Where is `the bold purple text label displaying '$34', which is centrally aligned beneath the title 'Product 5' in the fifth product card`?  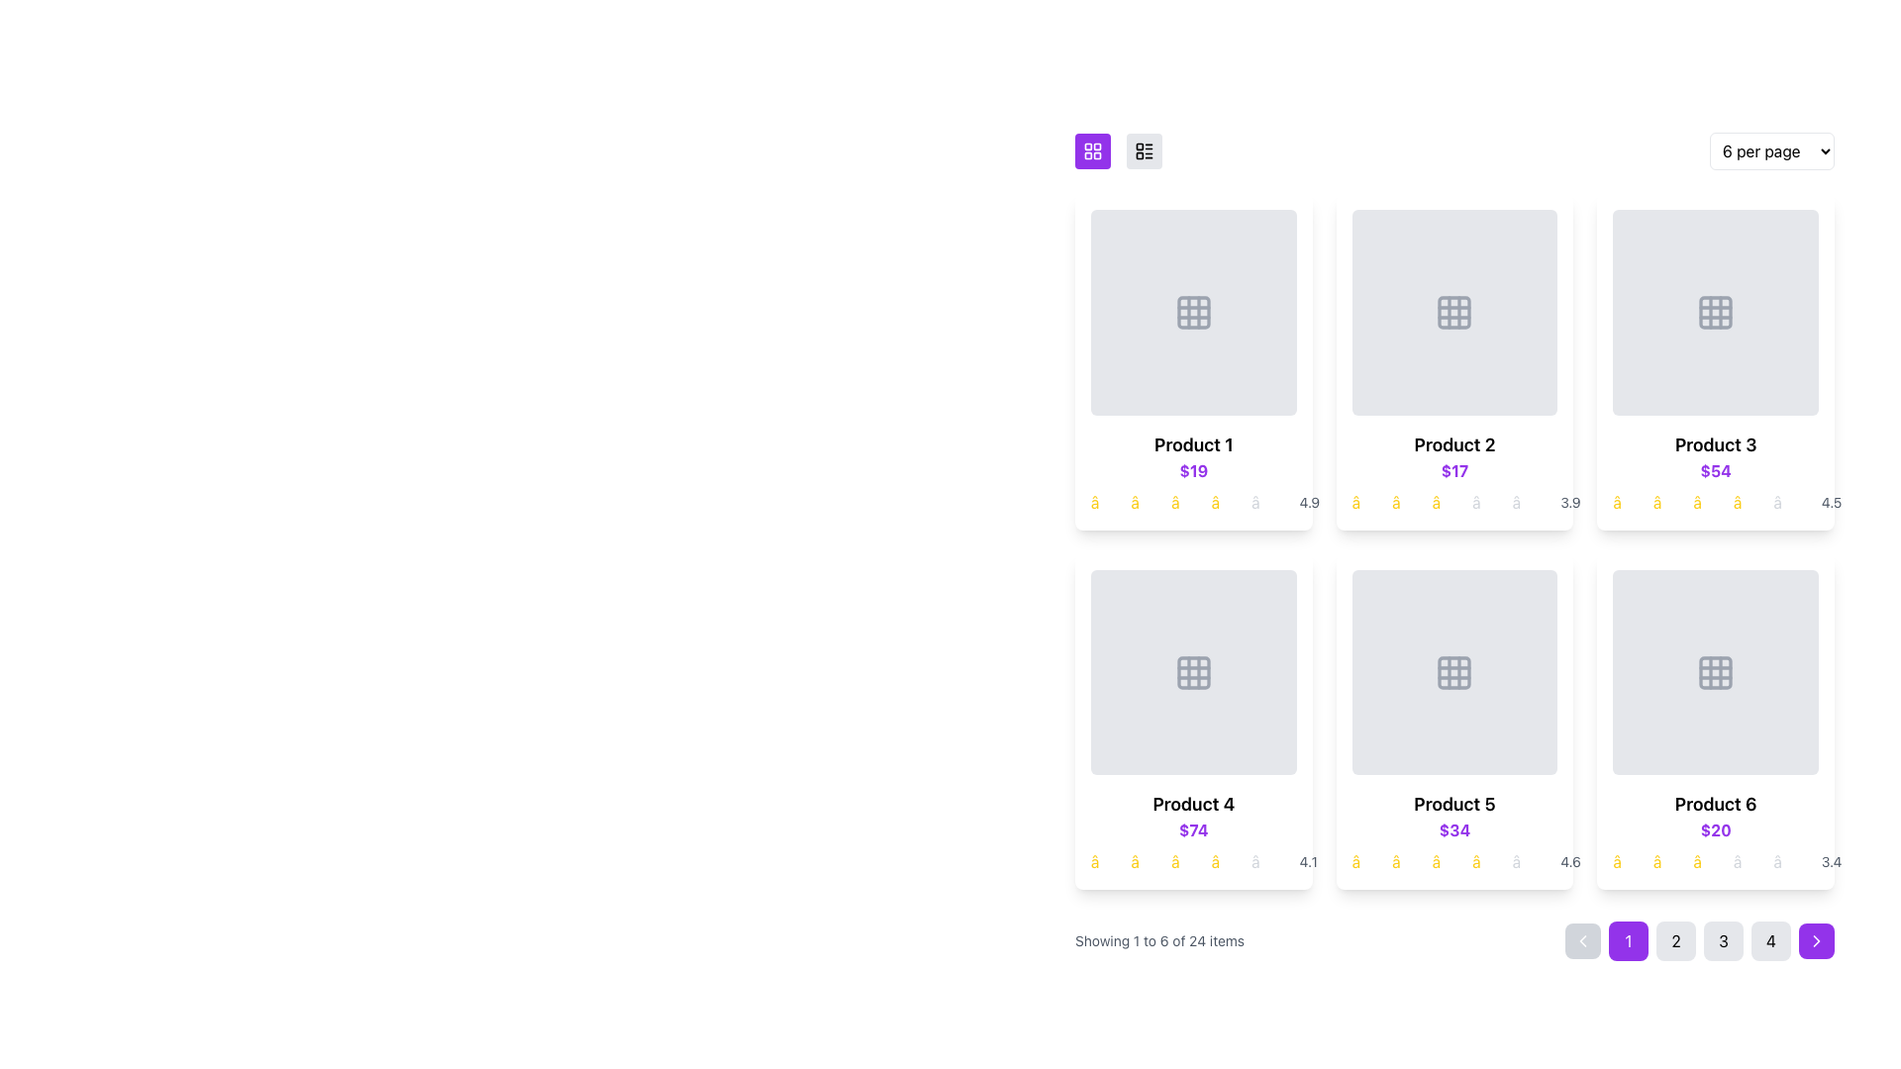
the bold purple text label displaying '$34', which is centrally aligned beneath the title 'Product 5' in the fifth product card is located at coordinates (1454, 830).